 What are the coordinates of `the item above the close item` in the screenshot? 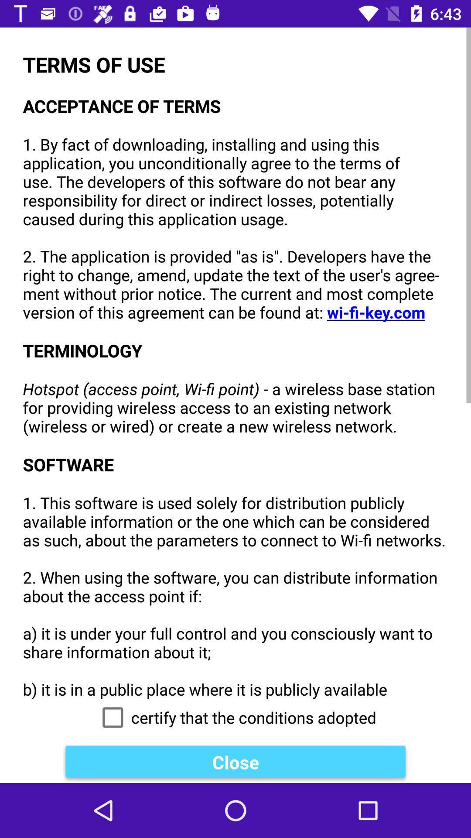 It's located at (235, 718).